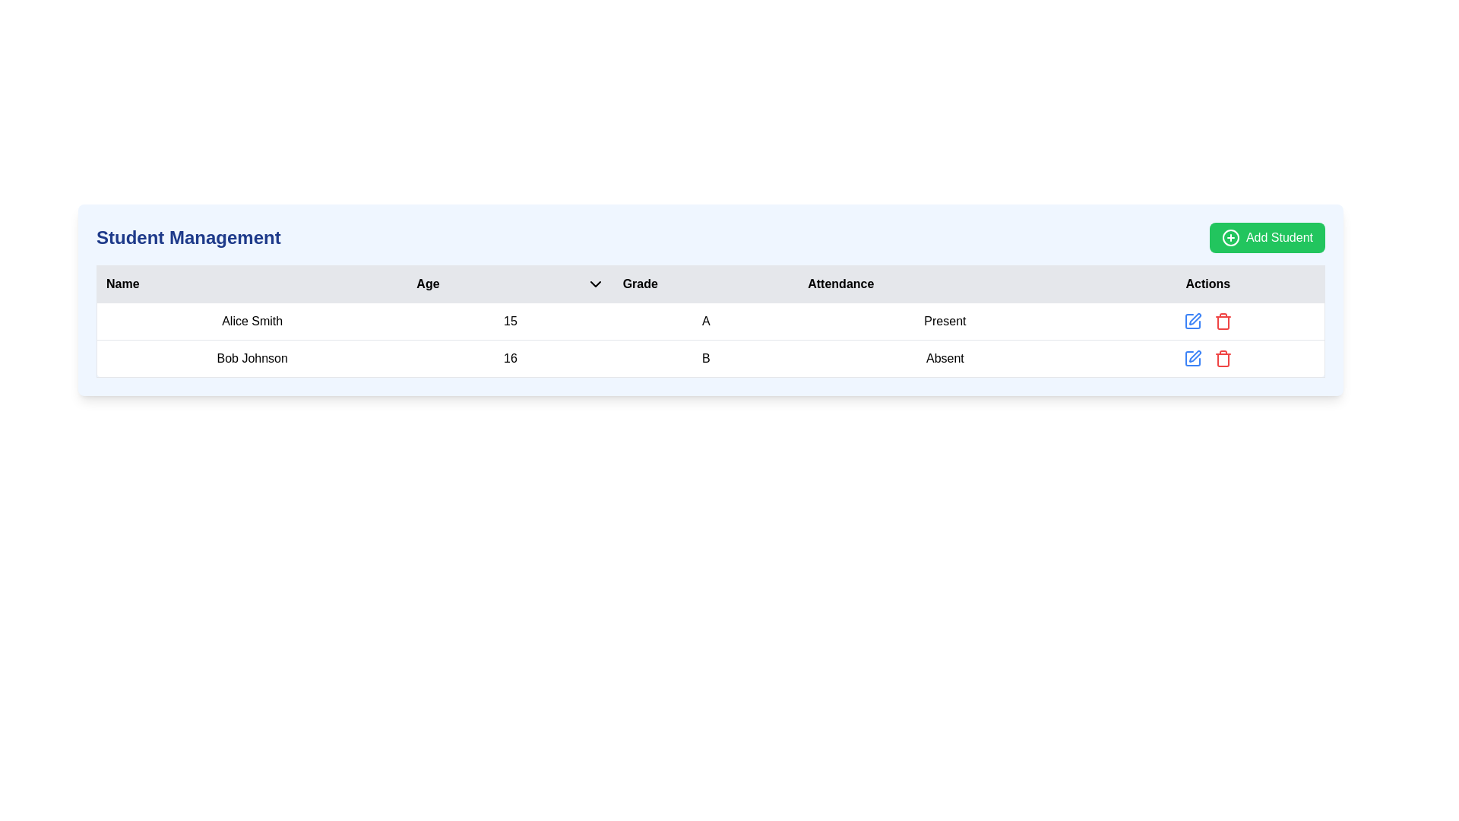 Image resolution: width=1459 pixels, height=821 pixels. Describe the element at coordinates (944, 321) in the screenshot. I see `the 'Present' text label indicating the attendance status of Alice Smith in the Attendance column of the table` at that location.